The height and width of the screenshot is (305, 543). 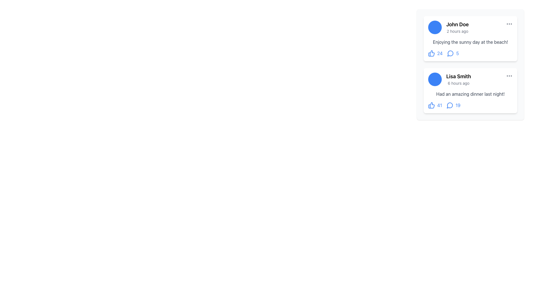 What do you see at coordinates (450, 53) in the screenshot?
I see `the speech bubble icon button with a blue outline, located to the right of the count indicator showing '5'` at bounding box center [450, 53].